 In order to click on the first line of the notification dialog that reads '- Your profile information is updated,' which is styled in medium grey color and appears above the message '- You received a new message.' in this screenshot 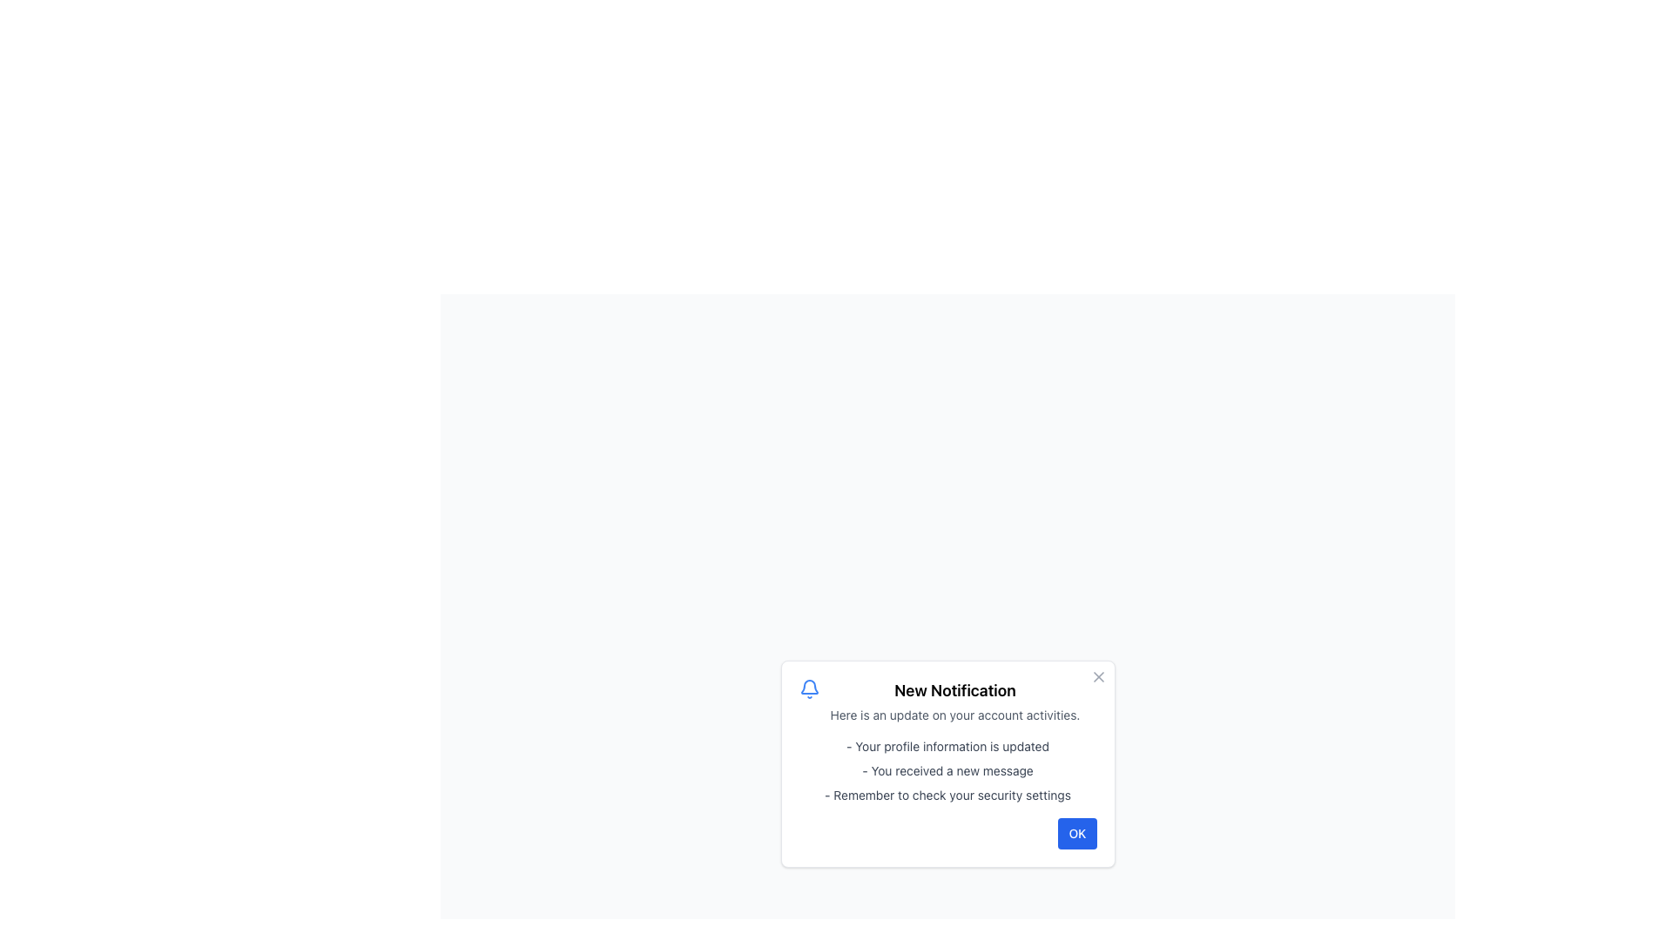, I will do `click(947, 745)`.